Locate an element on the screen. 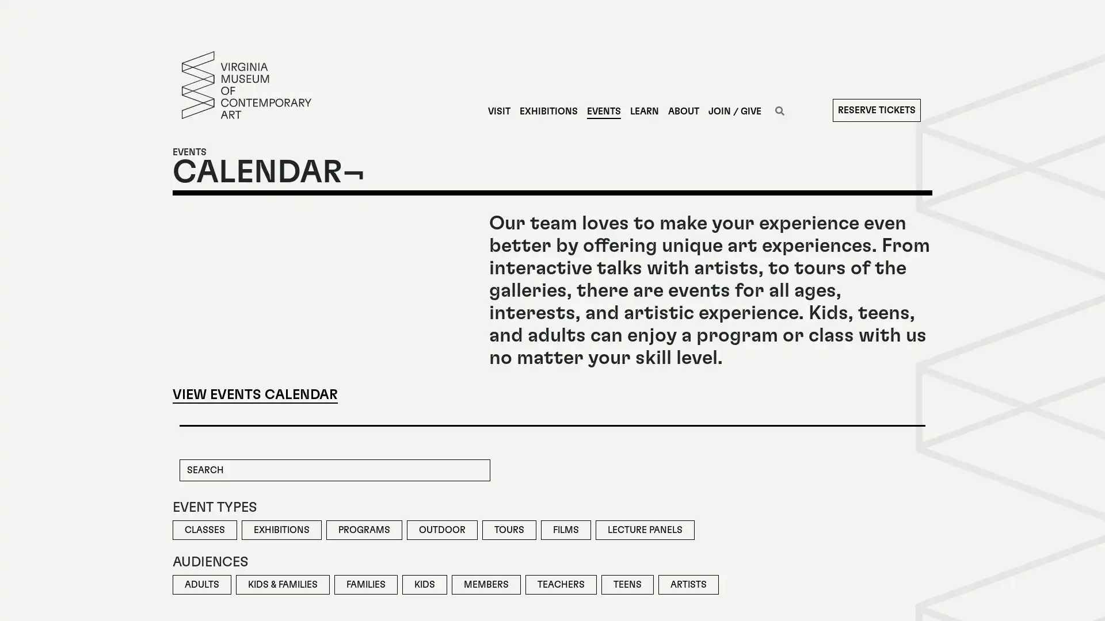 The width and height of the screenshot is (1105, 621). ABOUT is located at coordinates (683, 111).